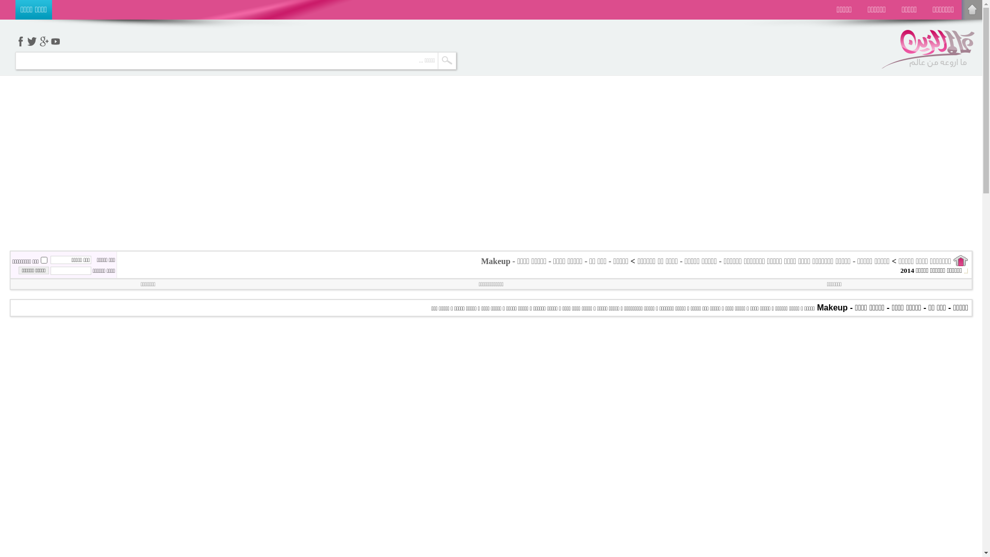 This screenshot has height=557, width=990. What do you see at coordinates (42, 41) in the screenshot?
I see `'google+'` at bounding box center [42, 41].